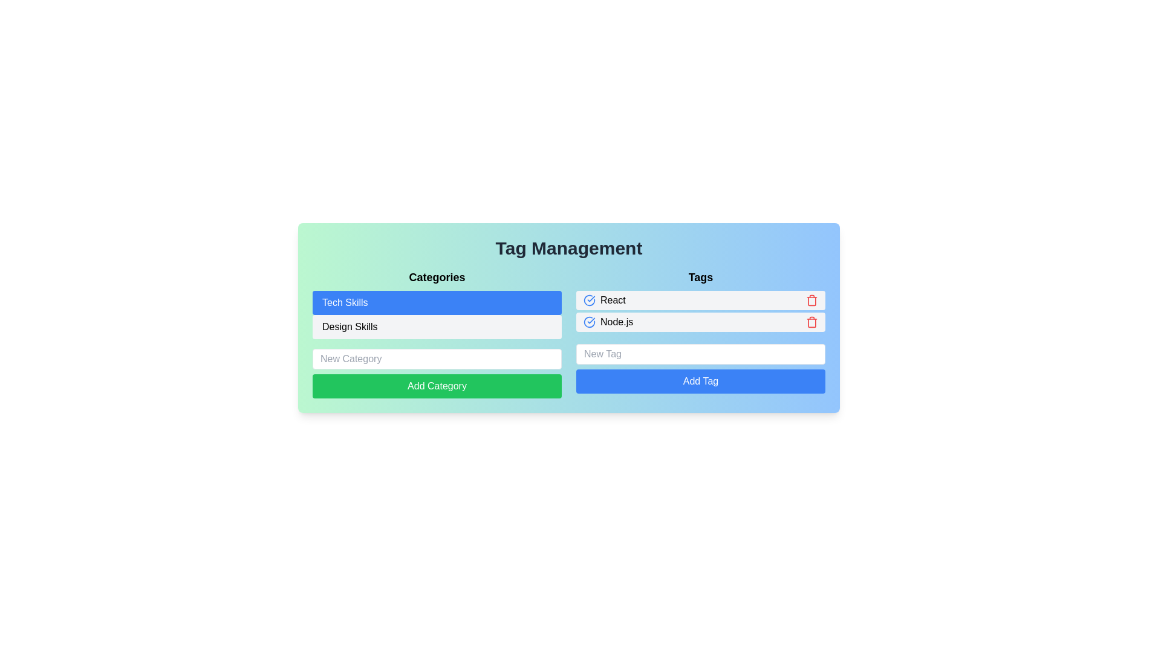 This screenshot has height=653, width=1161. What do you see at coordinates (604, 300) in the screenshot?
I see `the 'React' tag label, which is a visual representation in the 'Tags' section, positioned to the left of its delete icon` at bounding box center [604, 300].